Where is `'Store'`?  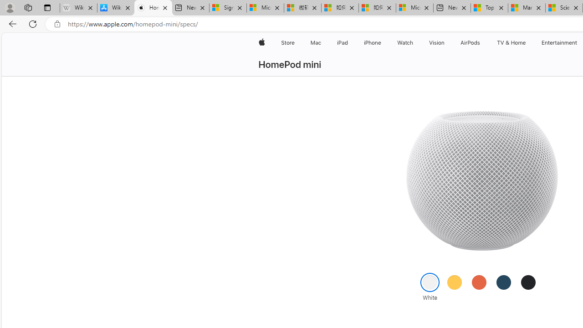
'Store' is located at coordinates (287, 42).